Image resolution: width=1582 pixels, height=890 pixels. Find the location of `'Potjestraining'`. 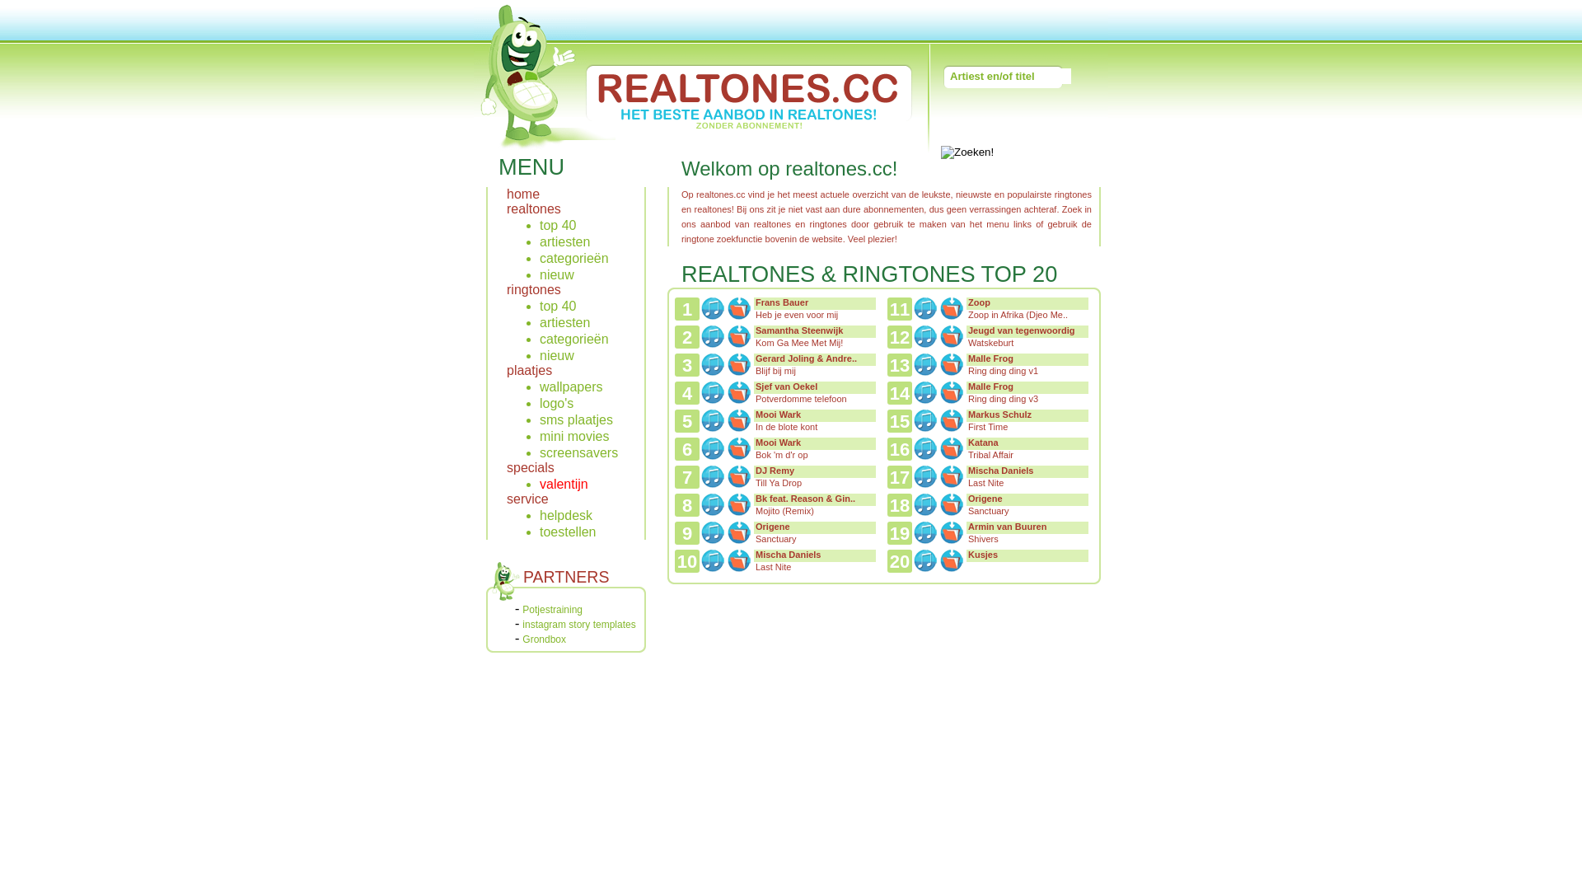

'Potjestraining' is located at coordinates (552, 610).